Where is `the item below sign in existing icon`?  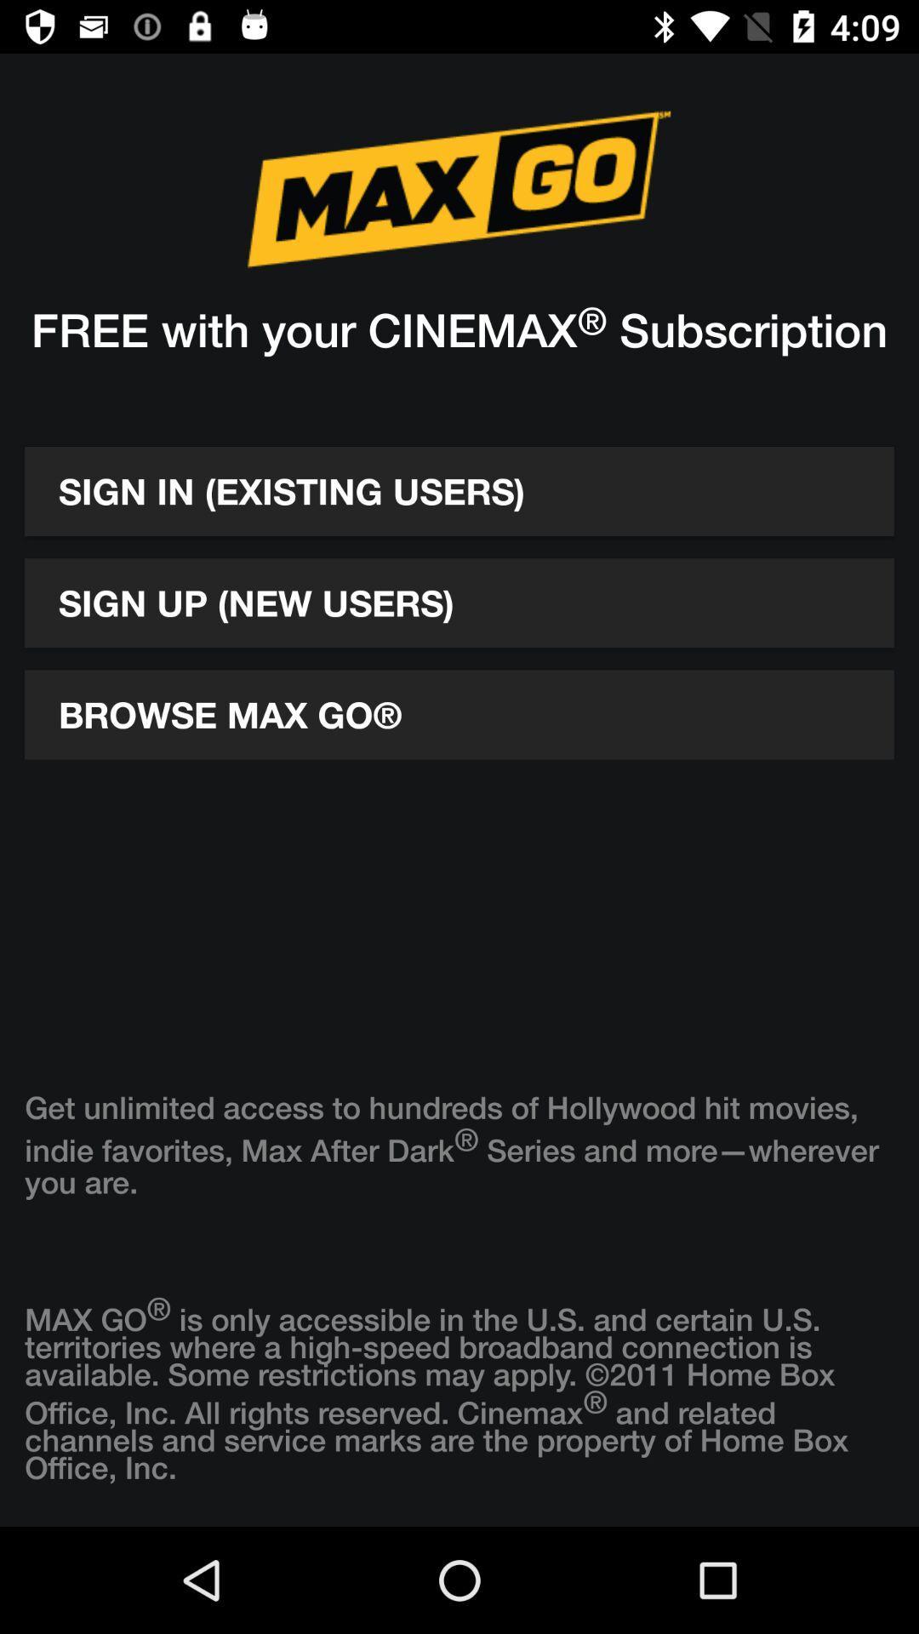 the item below sign in existing icon is located at coordinates (459, 603).